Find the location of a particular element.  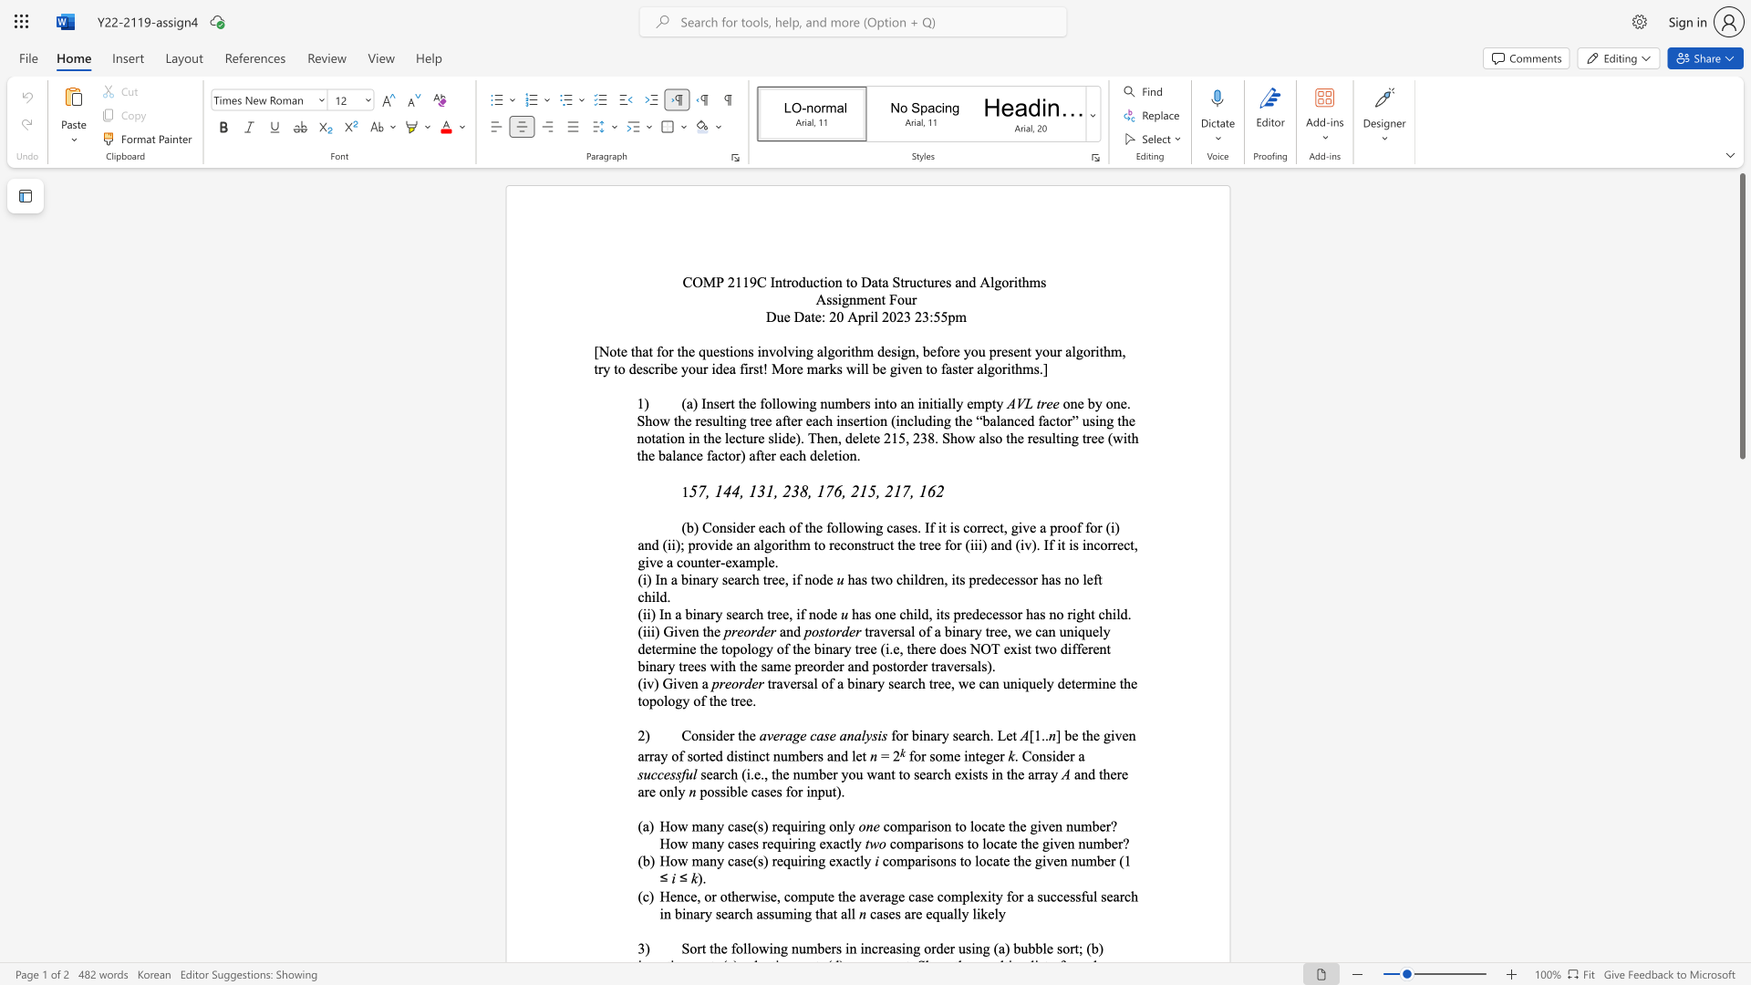

the vertical scrollbar to lower the page content is located at coordinates (1741, 565).